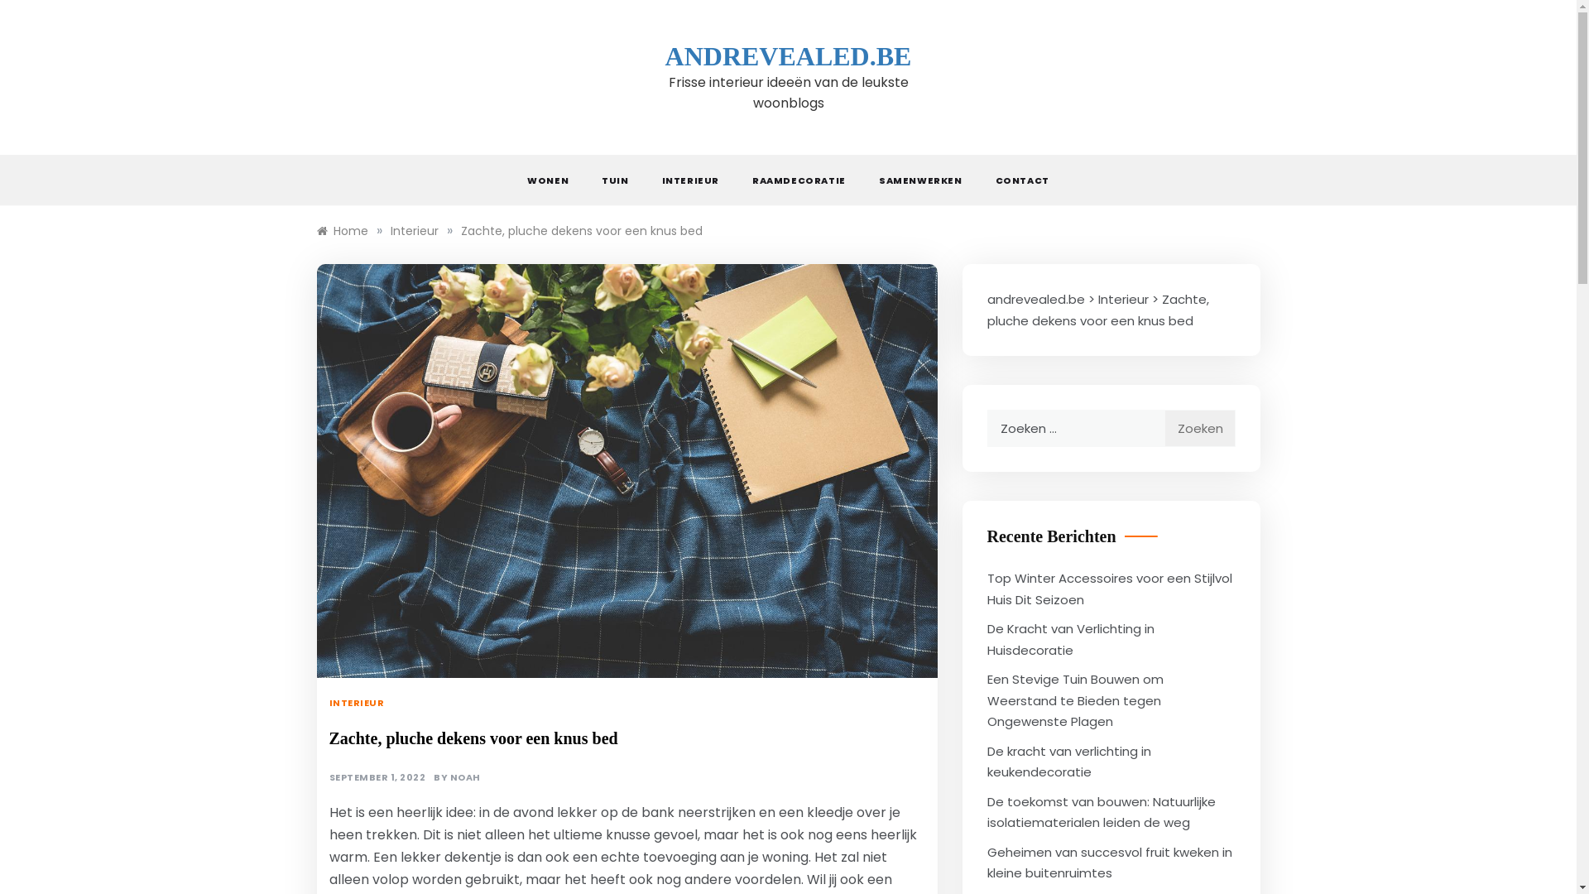  Describe the element at coordinates (1013, 180) in the screenshot. I see `'CONTACT'` at that location.